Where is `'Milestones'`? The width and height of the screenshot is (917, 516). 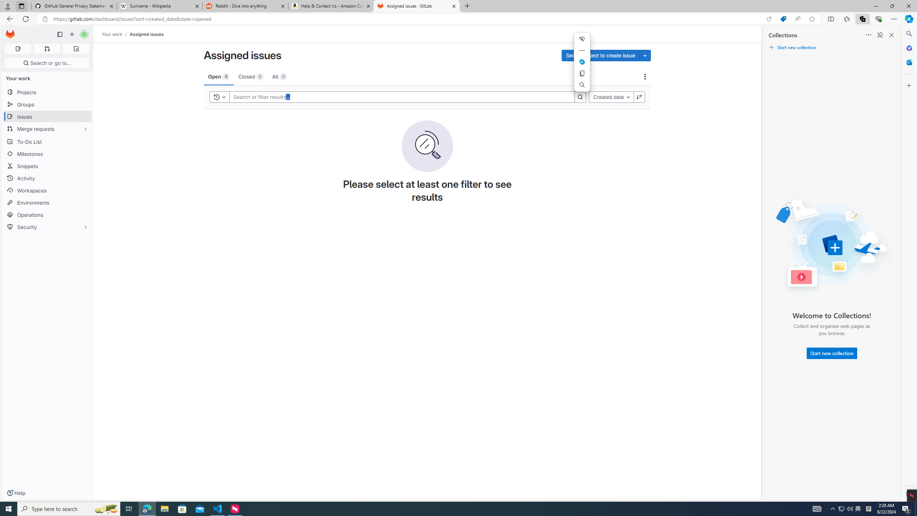
'Milestones' is located at coordinates (47, 153).